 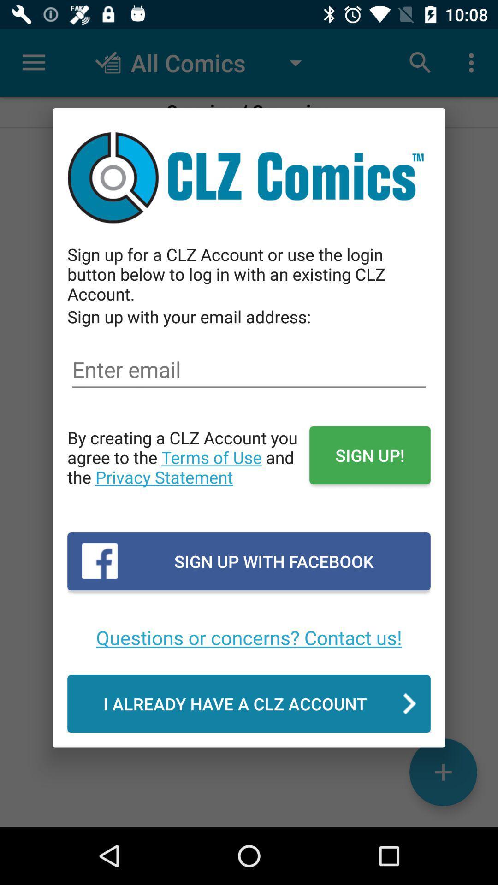 What do you see at coordinates (249, 637) in the screenshot?
I see `the questions or concerns` at bounding box center [249, 637].